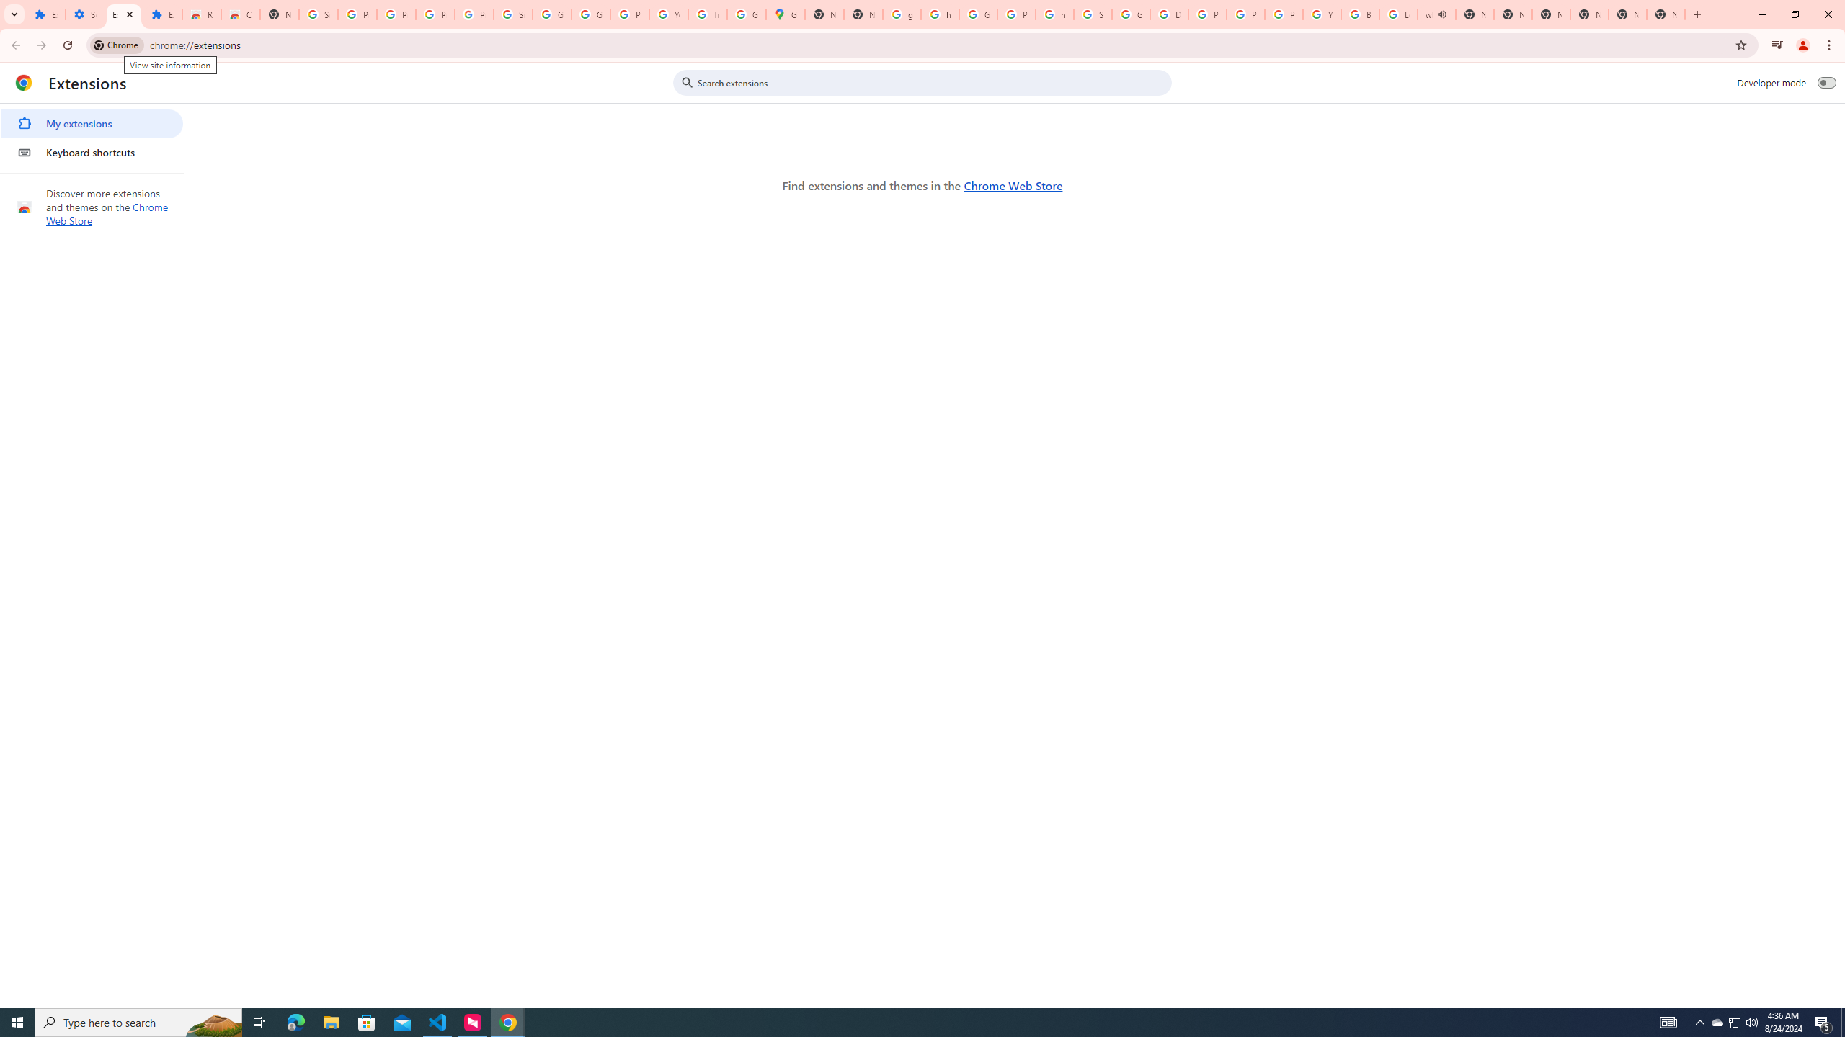  Describe the element at coordinates (200, 14) in the screenshot. I see `'Reviews: Helix Fruit Jump Arcade Game'` at that location.